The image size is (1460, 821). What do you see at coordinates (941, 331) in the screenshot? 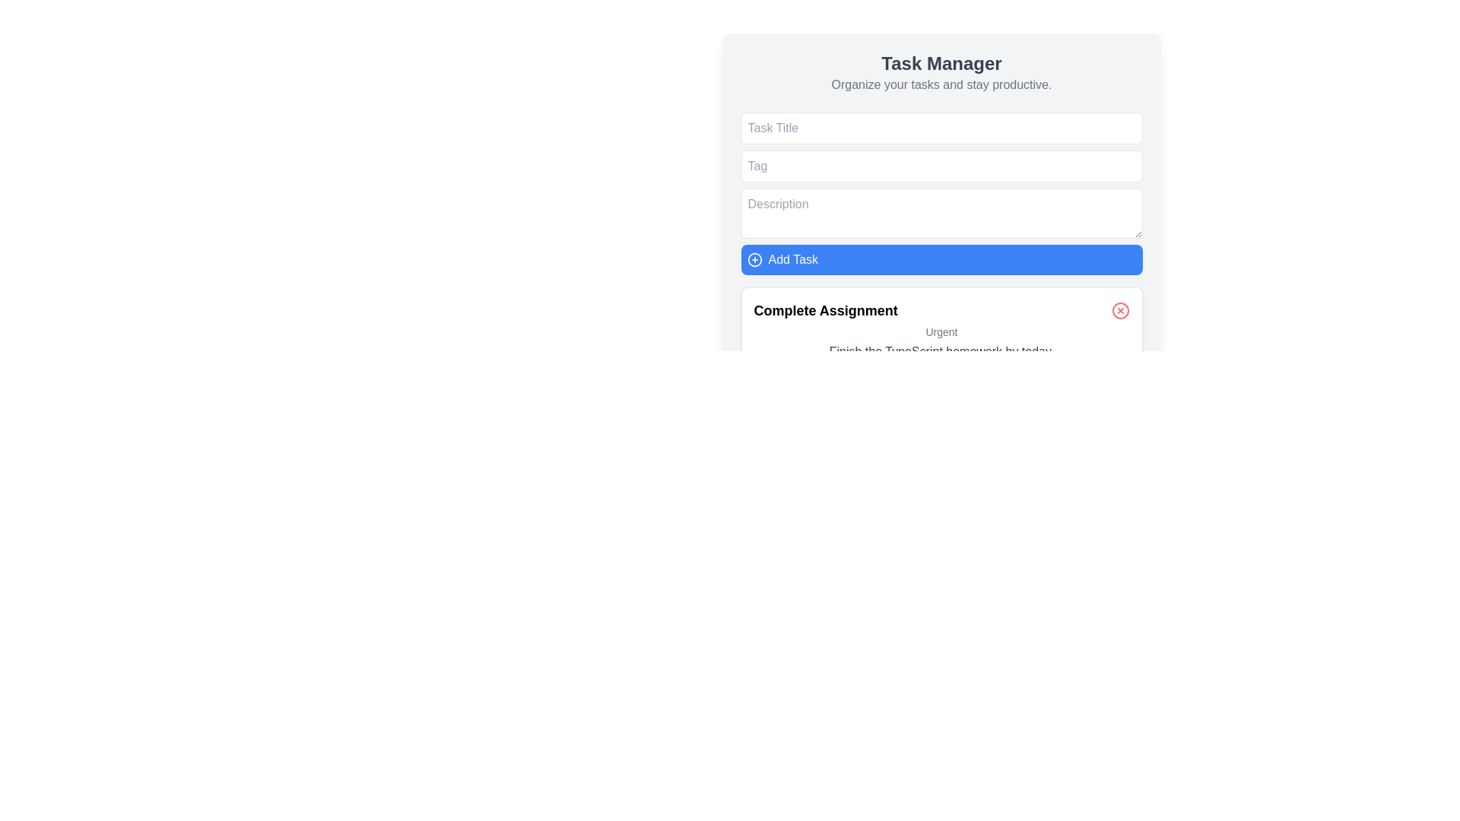
I see `the 'Urgent' text label, which is styled with a small gray font, located within the task card below the title 'Complete Assignment'` at bounding box center [941, 331].